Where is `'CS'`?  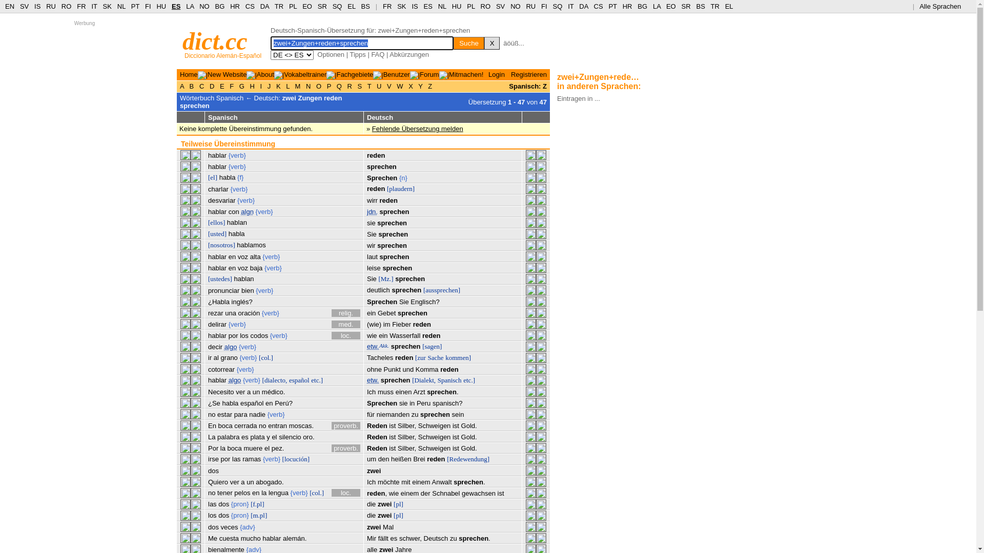 'CS' is located at coordinates (245, 6).